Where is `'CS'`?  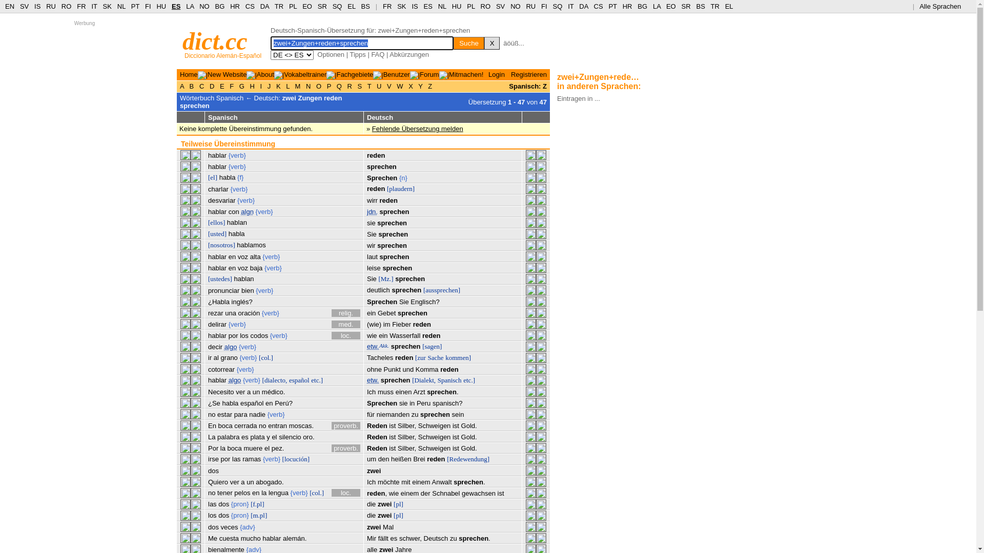 'CS' is located at coordinates (245, 6).